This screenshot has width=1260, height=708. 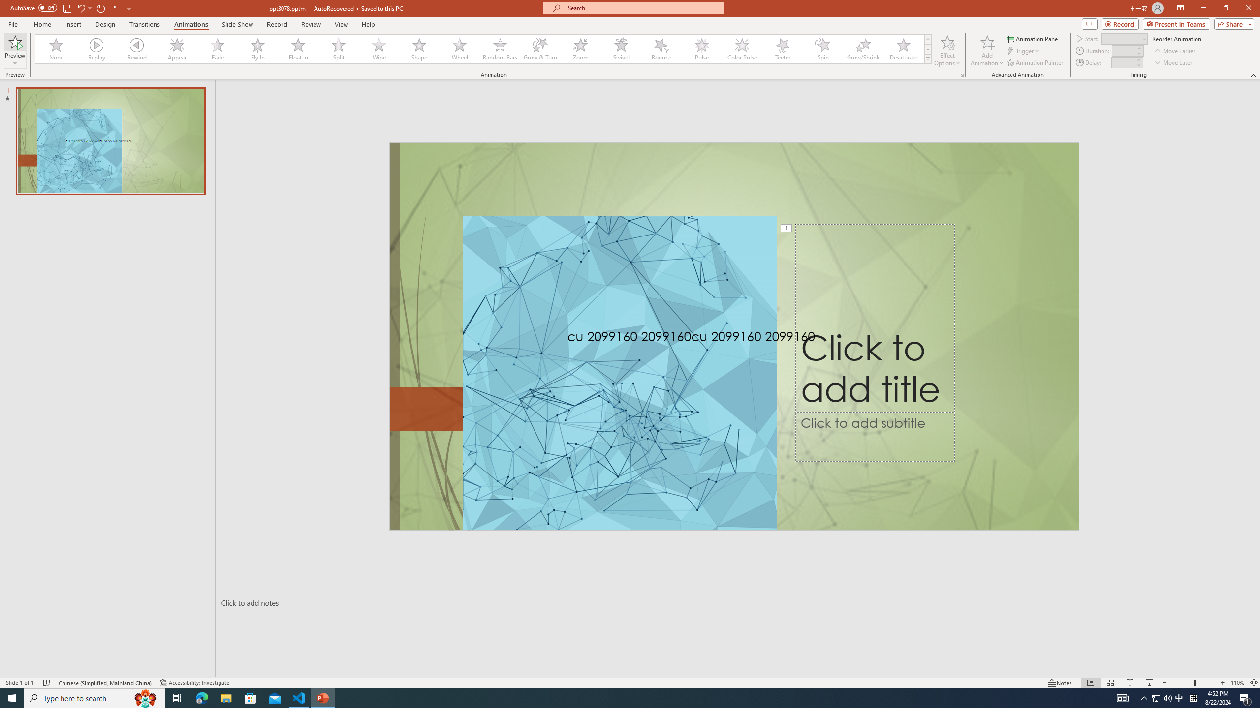 I want to click on 'AutomationID: AnimationGallery', so click(x=483, y=49).